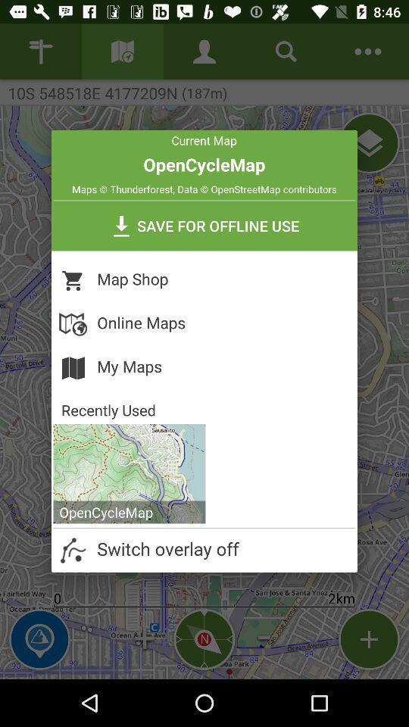 The height and width of the screenshot is (727, 409). Describe the element at coordinates (204, 225) in the screenshot. I see `icon above the map shop` at that location.